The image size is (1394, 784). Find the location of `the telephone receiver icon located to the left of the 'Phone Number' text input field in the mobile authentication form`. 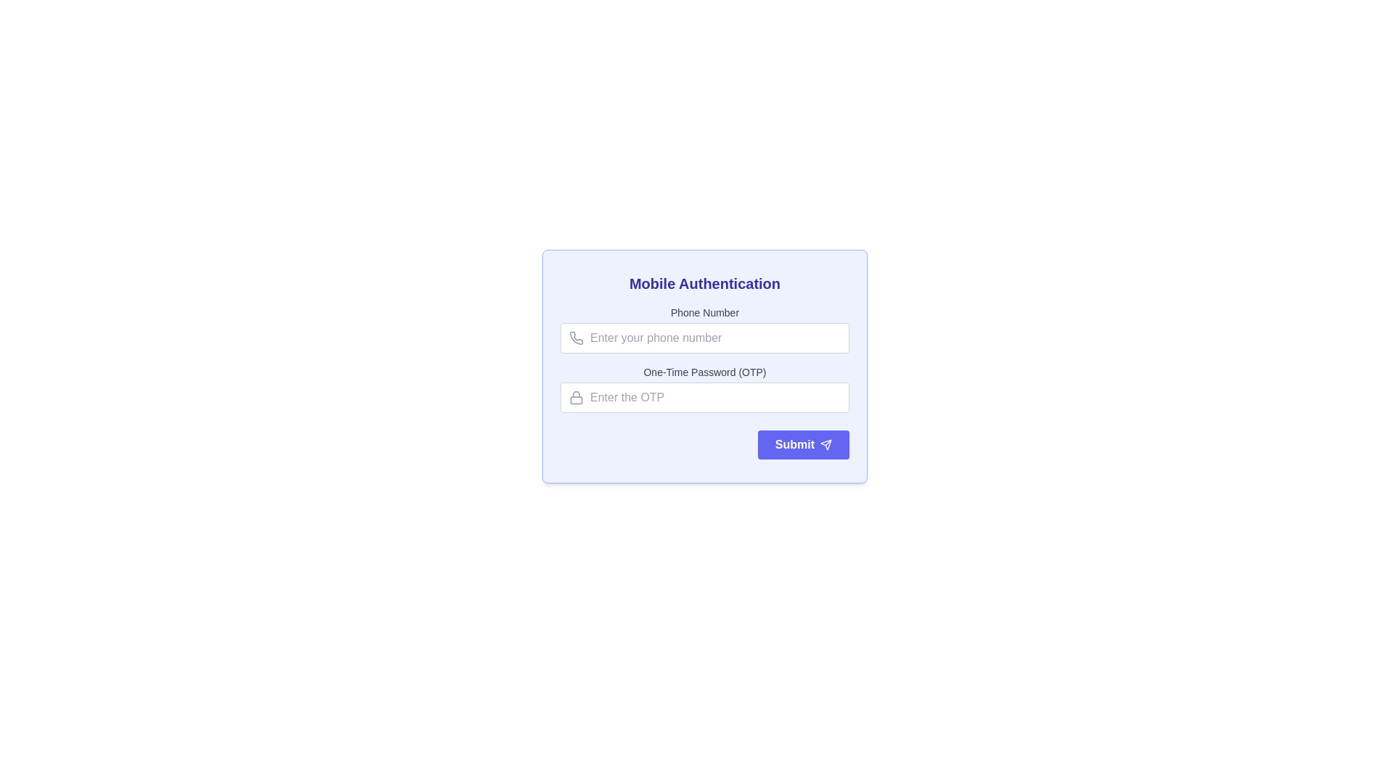

the telephone receiver icon located to the left of the 'Phone Number' text input field in the mobile authentication form is located at coordinates (576, 338).